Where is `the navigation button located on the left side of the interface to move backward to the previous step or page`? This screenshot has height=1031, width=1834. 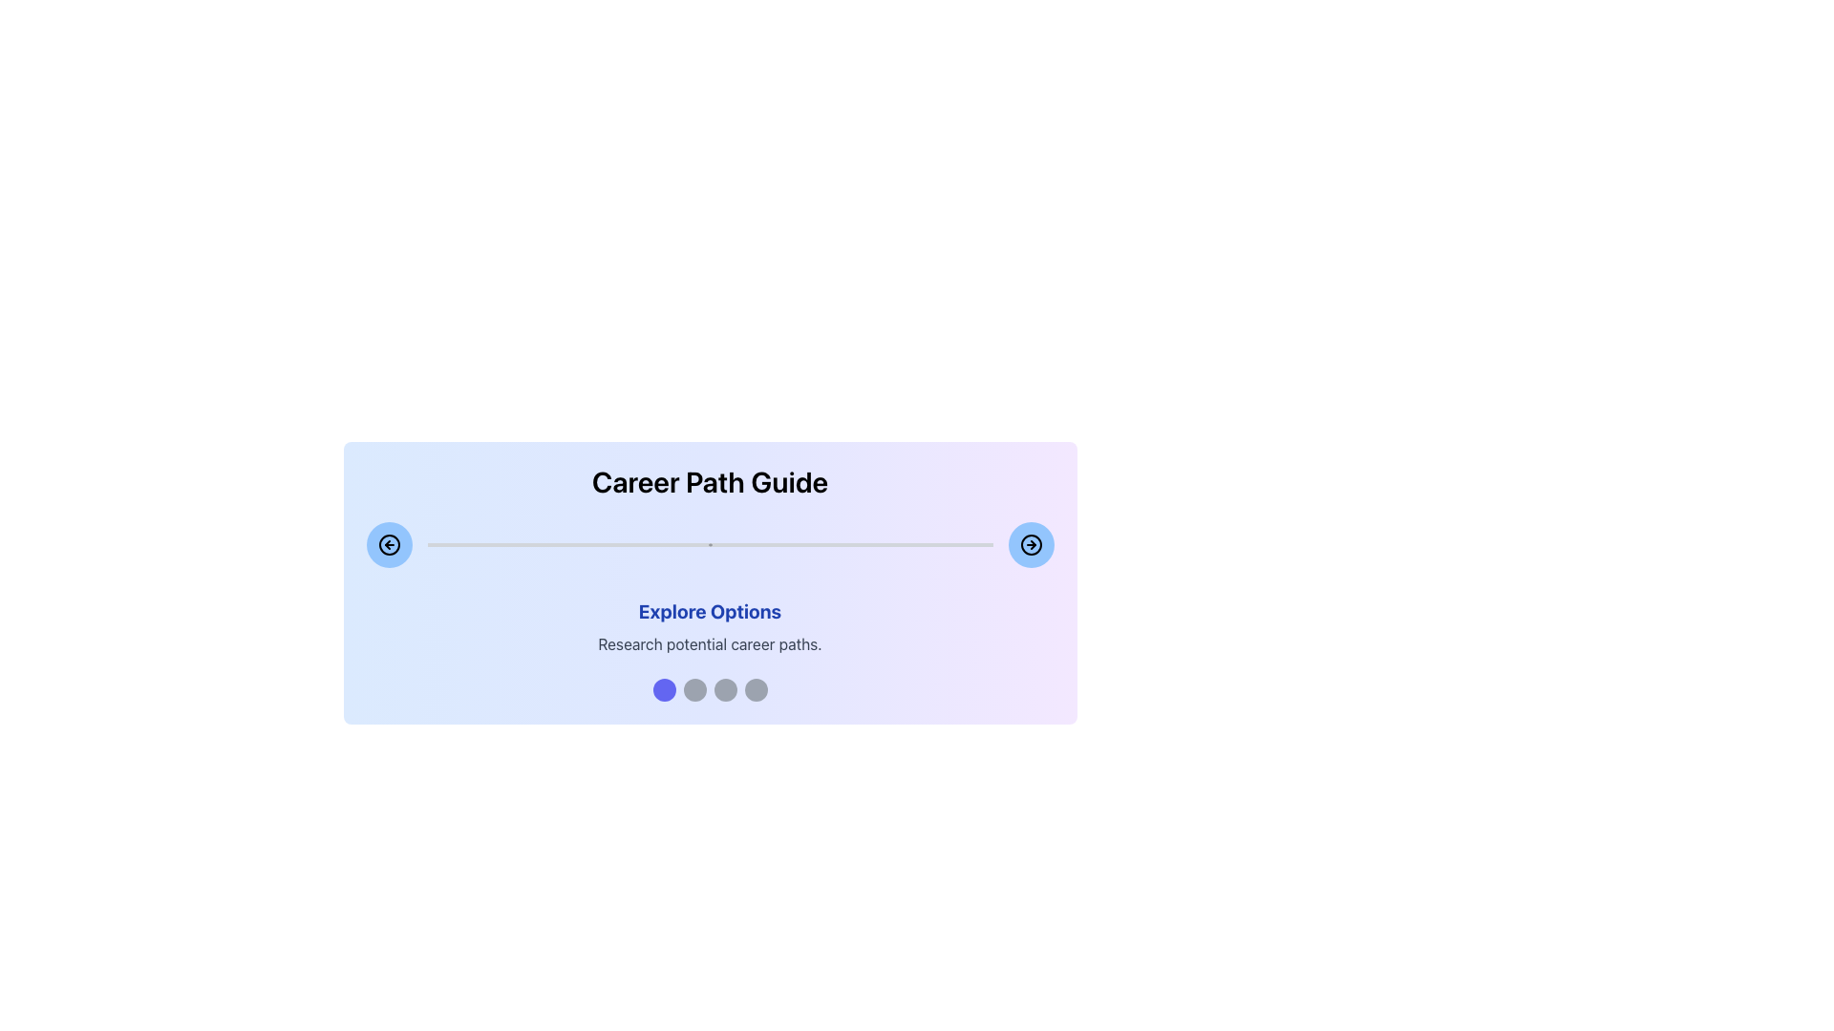
the navigation button located on the left side of the interface to move backward to the previous step or page is located at coordinates (388, 544).